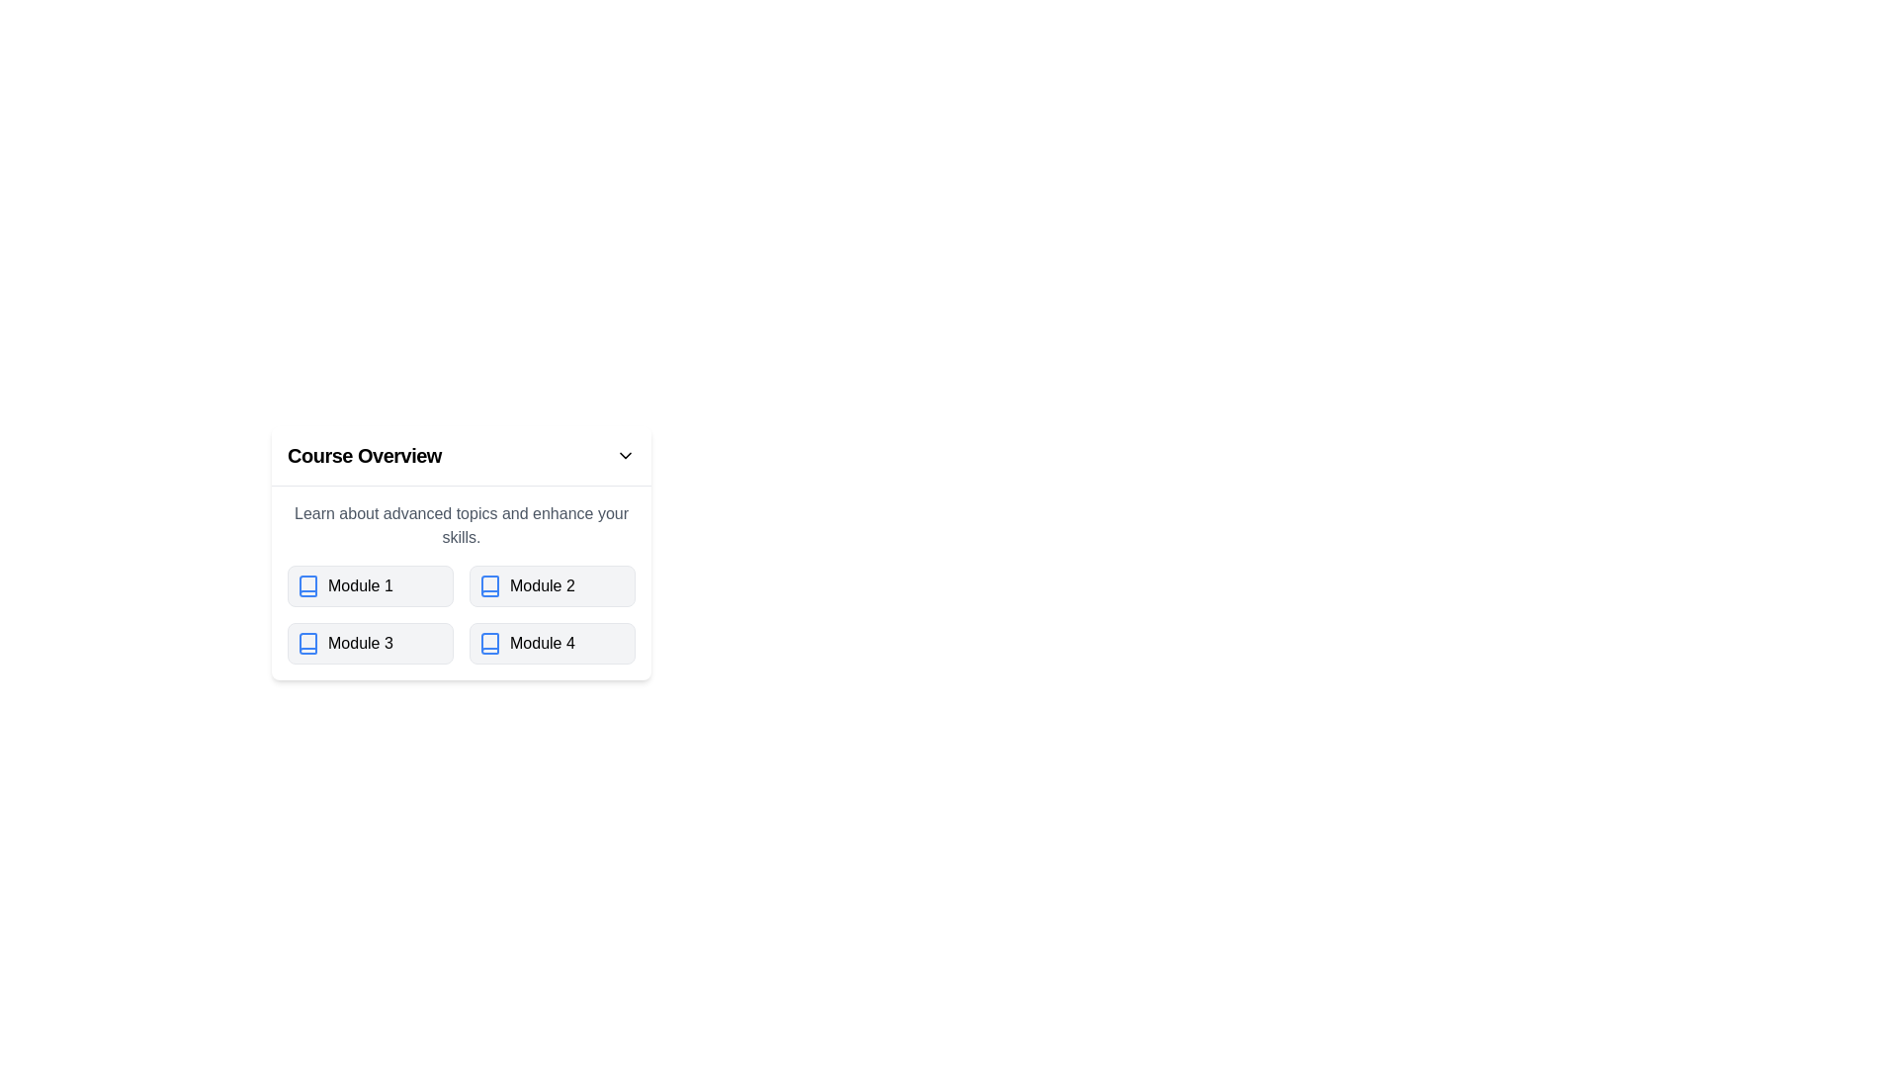 The image size is (1898, 1068). Describe the element at coordinates (307, 644) in the screenshot. I see `the icon resembling a booklet, which is located to the left of the 'Module 3' text label` at that location.